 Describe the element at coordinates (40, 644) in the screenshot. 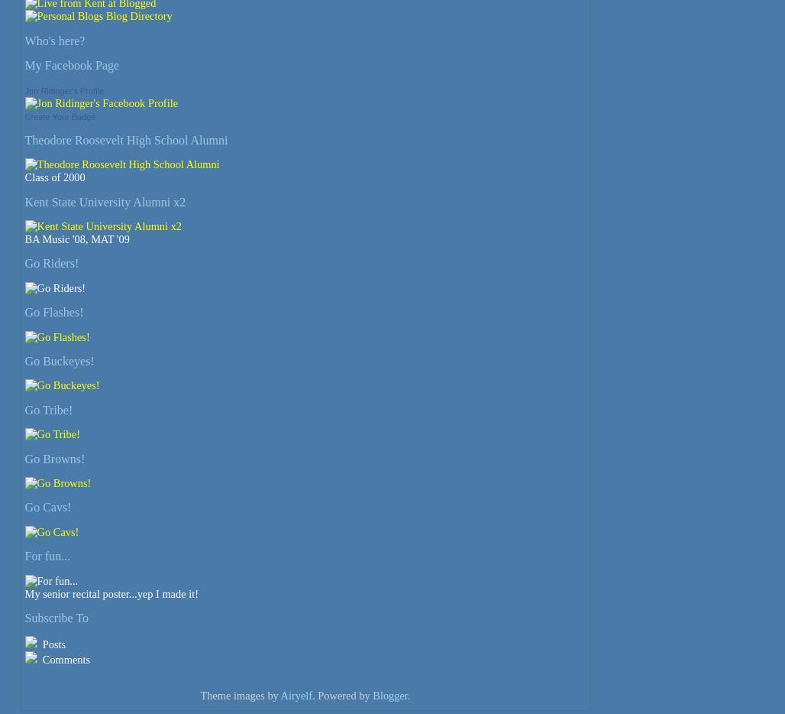

I see `'Posts'` at that location.